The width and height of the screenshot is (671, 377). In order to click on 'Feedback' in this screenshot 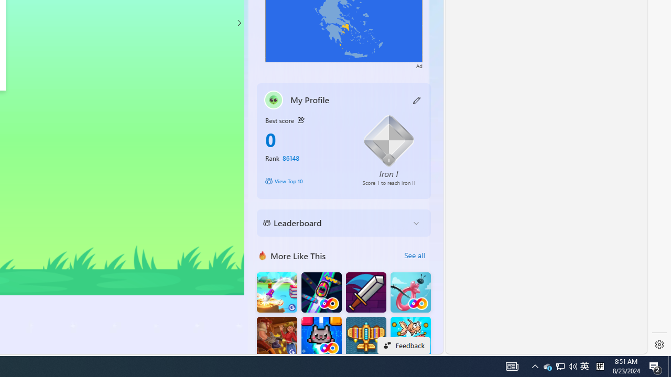, I will do `click(403, 345)`.